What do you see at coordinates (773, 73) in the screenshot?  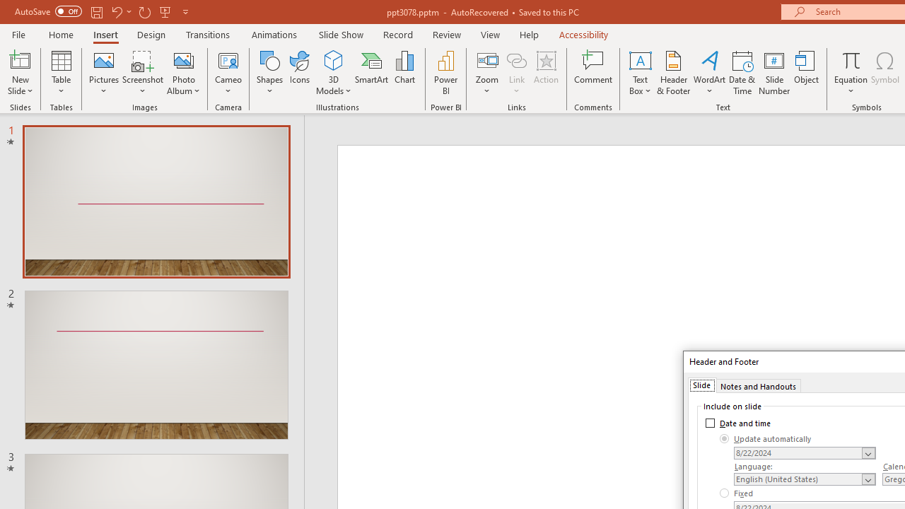 I see `'Slide Number'` at bounding box center [773, 73].